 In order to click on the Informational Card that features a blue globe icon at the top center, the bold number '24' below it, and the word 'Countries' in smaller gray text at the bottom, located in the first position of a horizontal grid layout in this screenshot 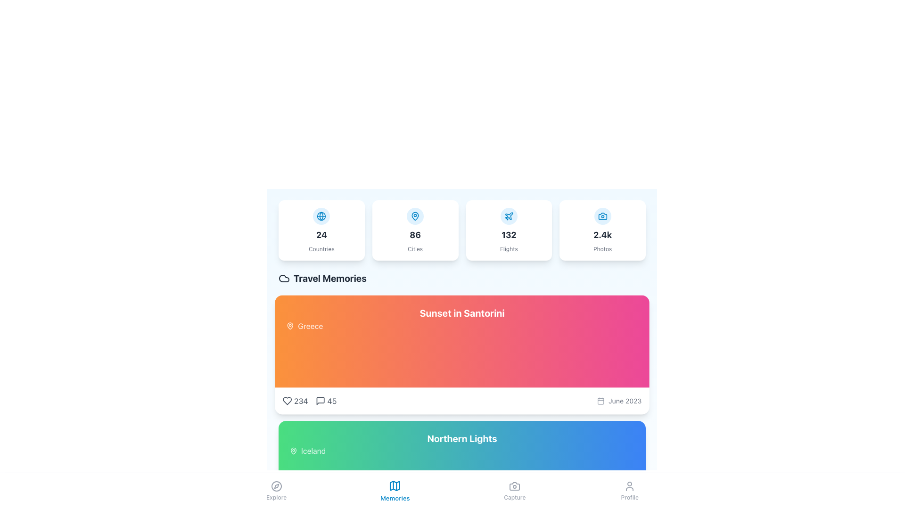, I will do `click(321, 230)`.